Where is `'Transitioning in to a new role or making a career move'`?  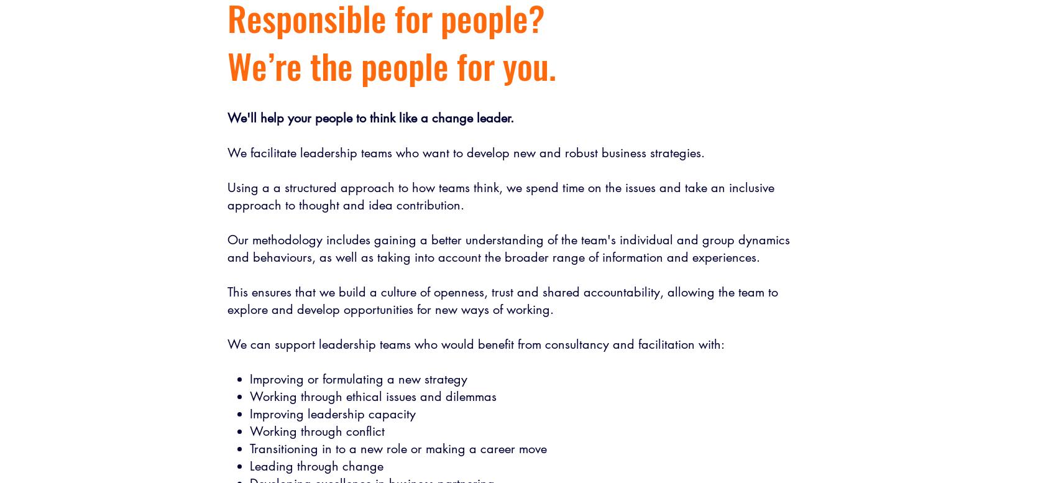 'Transitioning in to a new role or making a career move' is located at coordinates (397, 448).